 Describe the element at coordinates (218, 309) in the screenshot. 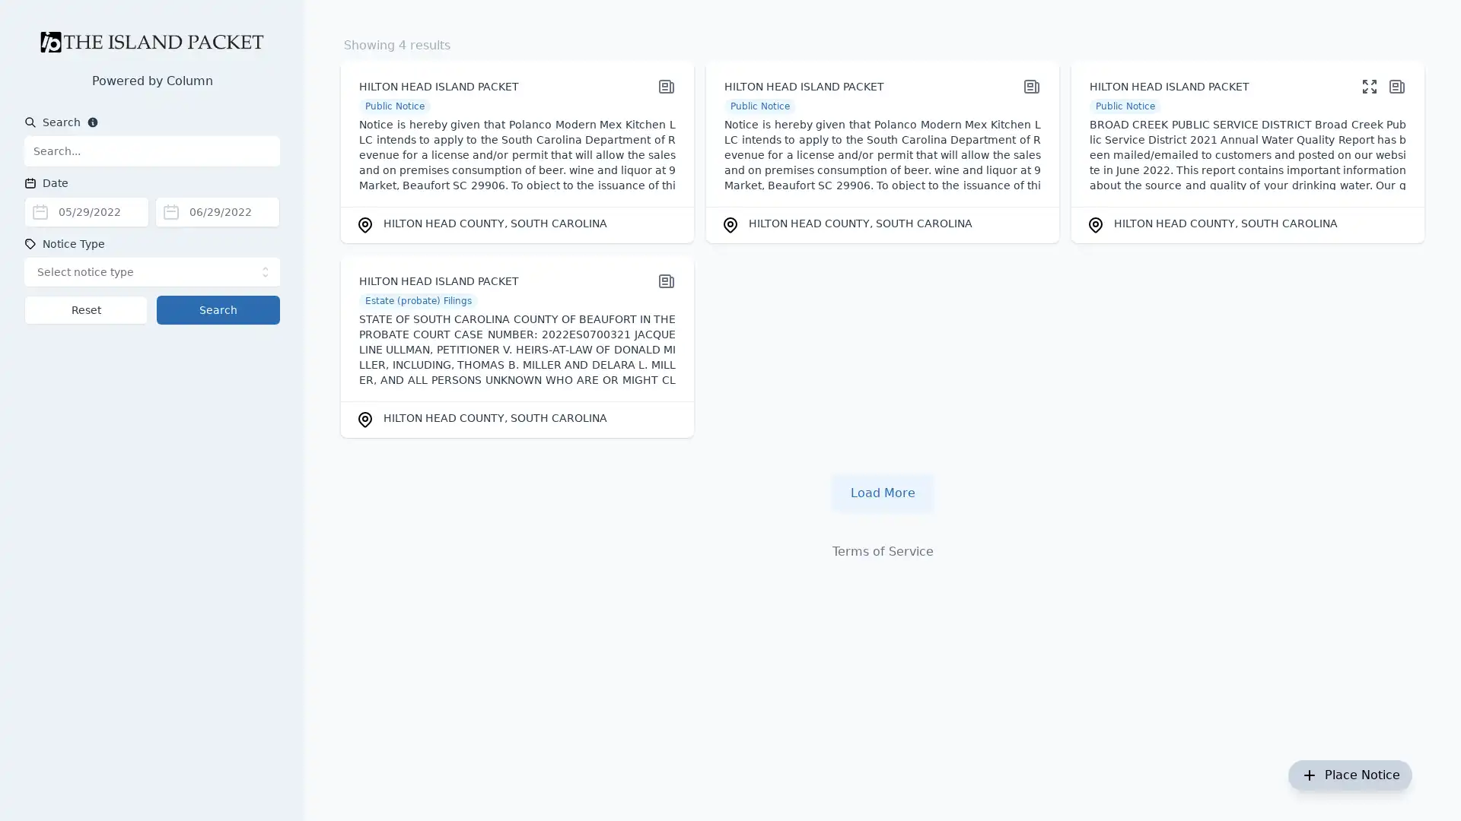

I see `Search` at that location.